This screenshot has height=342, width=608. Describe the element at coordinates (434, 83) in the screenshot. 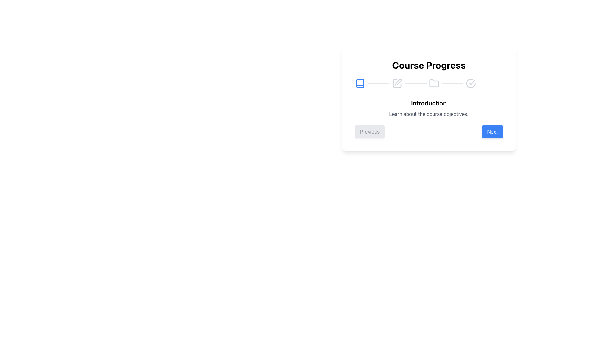

I see `the folder icon, which is the third icon from the left in the horizontal progress indicator at the top of the interface` at that location.